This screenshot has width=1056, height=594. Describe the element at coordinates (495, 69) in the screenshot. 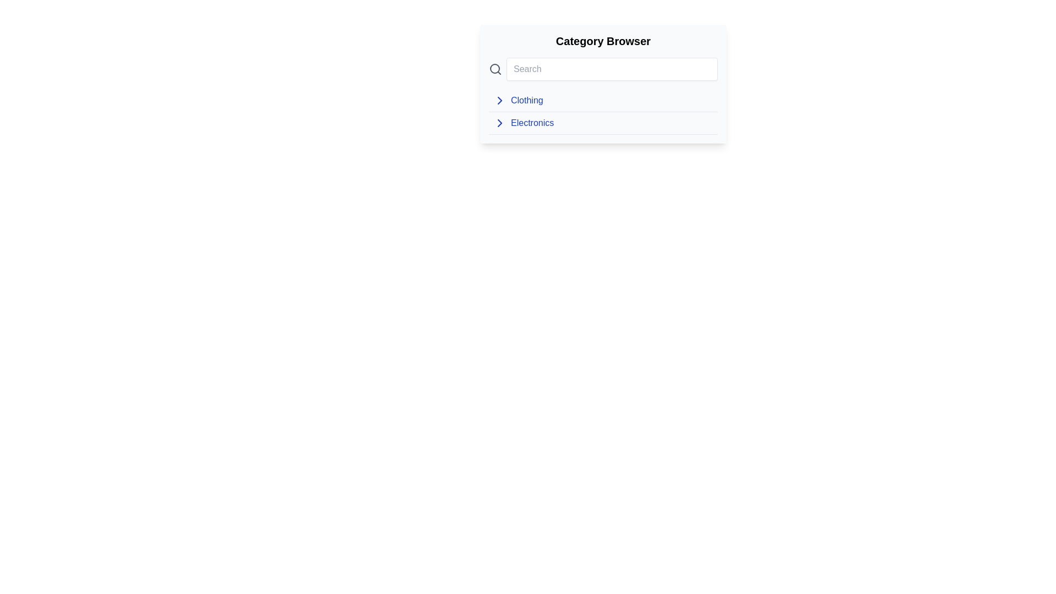

I see `the circular search icon, which is a magnifying glass with a dark-gray outline, located immediately to the left of the 'Search' text input field` at that location.